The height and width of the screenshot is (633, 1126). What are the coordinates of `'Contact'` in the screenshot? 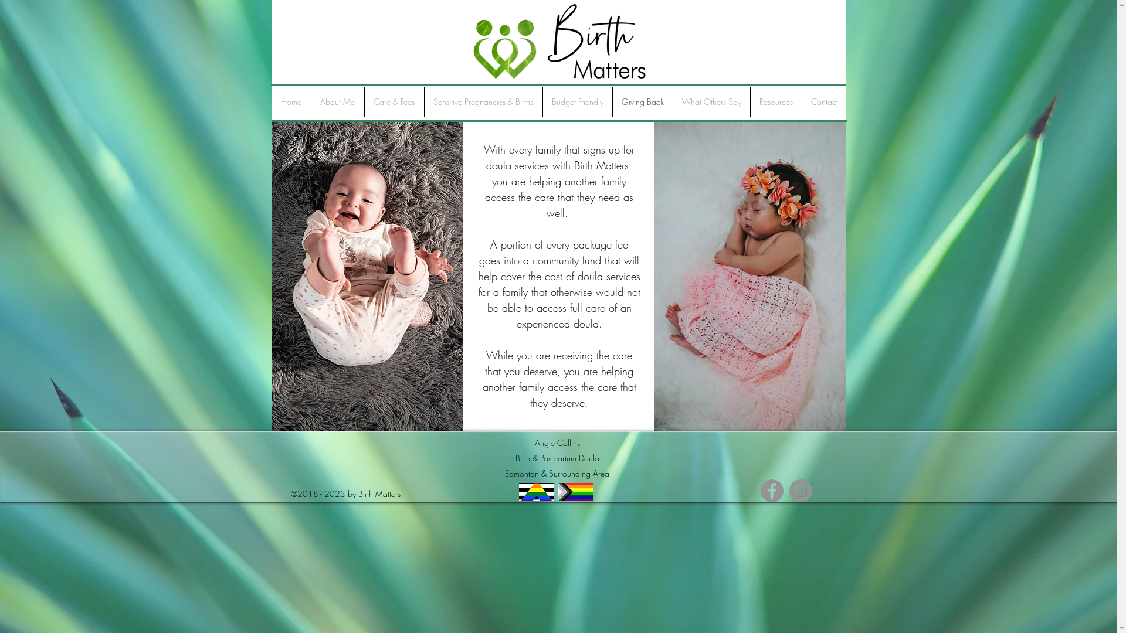 It's located at (824, 101).